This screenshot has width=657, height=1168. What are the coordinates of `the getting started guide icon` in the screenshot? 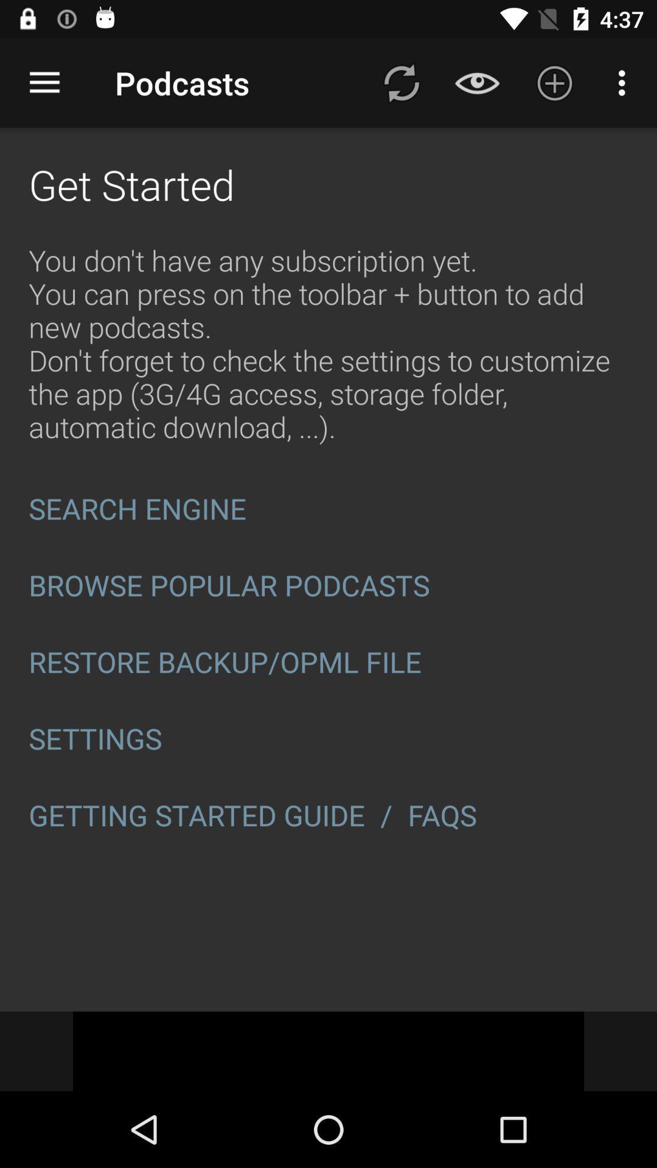 It's located at (196, 815).